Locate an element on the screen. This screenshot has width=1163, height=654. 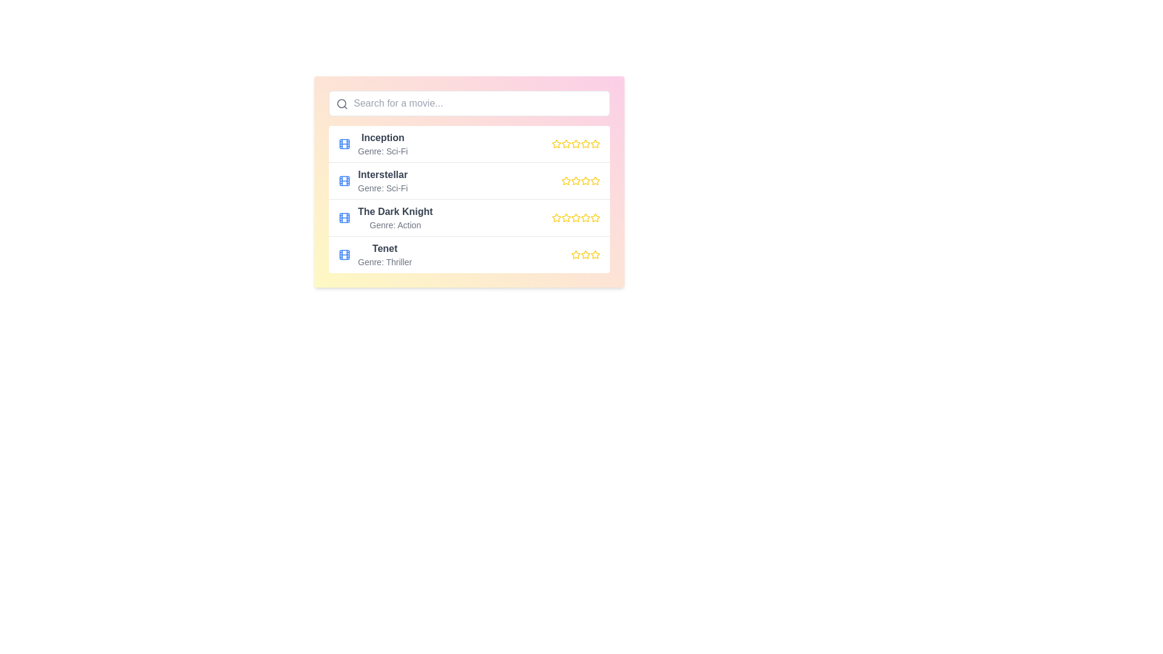
the second yellow star icon in the rating row for 'Interstellar' is located at coordinates (566, 180).